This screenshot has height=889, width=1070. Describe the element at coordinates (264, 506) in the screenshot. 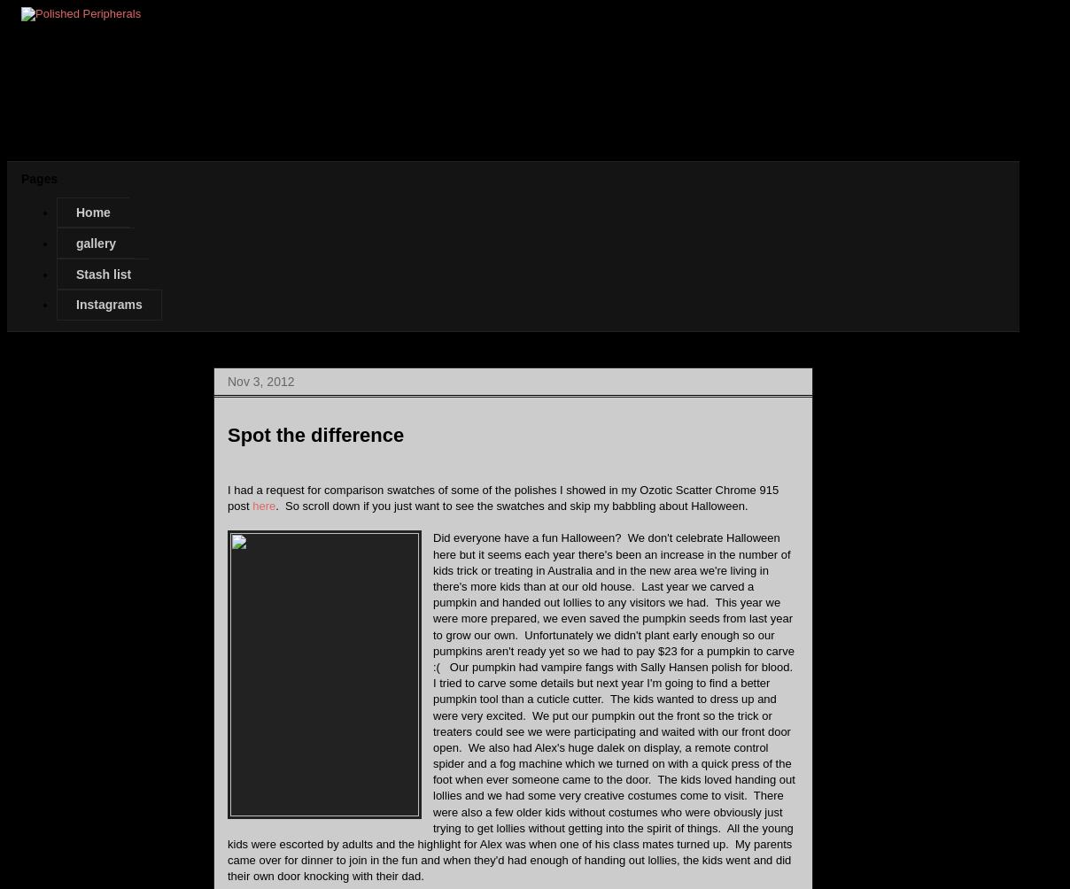

I see `'here'` at that location.